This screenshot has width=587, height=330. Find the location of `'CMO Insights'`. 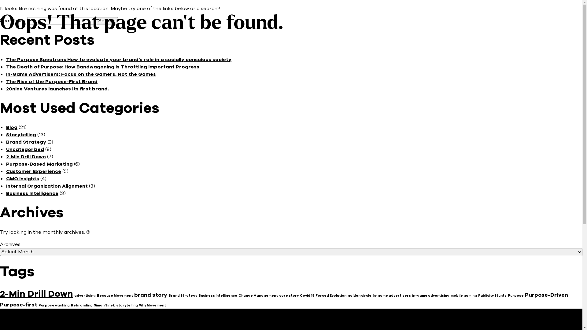

'CMO Insights' is located at coordinates (22, 179).